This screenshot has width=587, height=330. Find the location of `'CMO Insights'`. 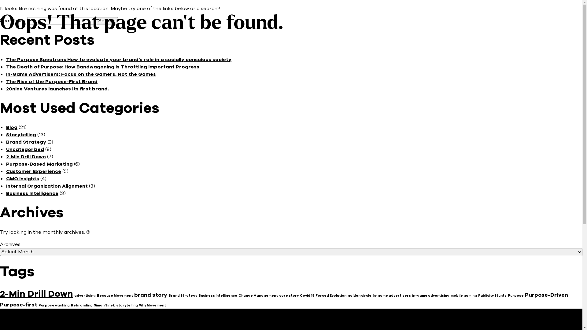

'CMO Insights' is located at coordinates (22, 179).